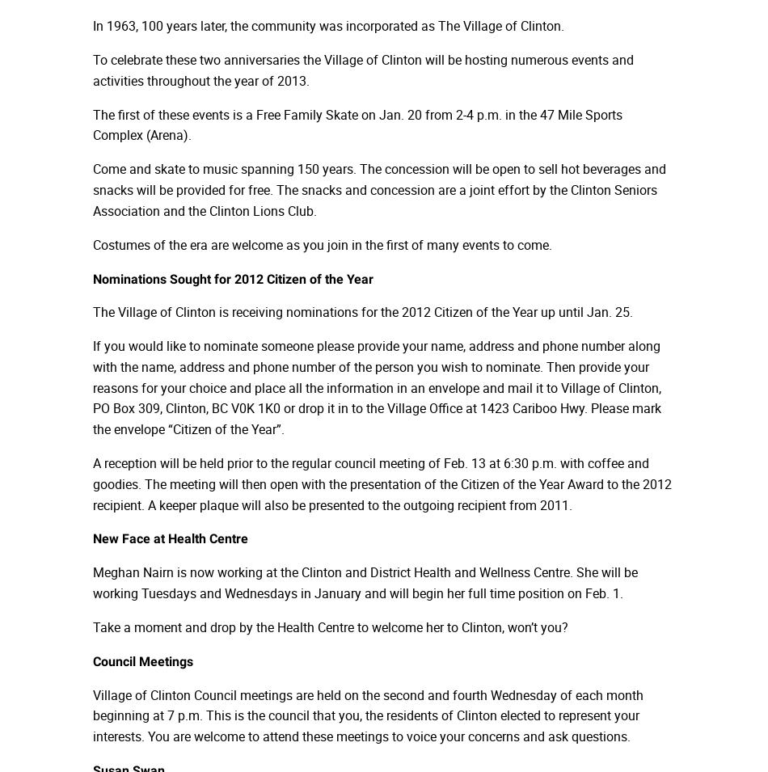 The width and height of the screenshot is (768, 772). What do you see at coordinates (361, 311) in the screenshot?
I see `'The Village of Clinton is receiving nominations for the 2012 Citizen of the Year up until Jan. 25.'` at bounding box center [361, 311].